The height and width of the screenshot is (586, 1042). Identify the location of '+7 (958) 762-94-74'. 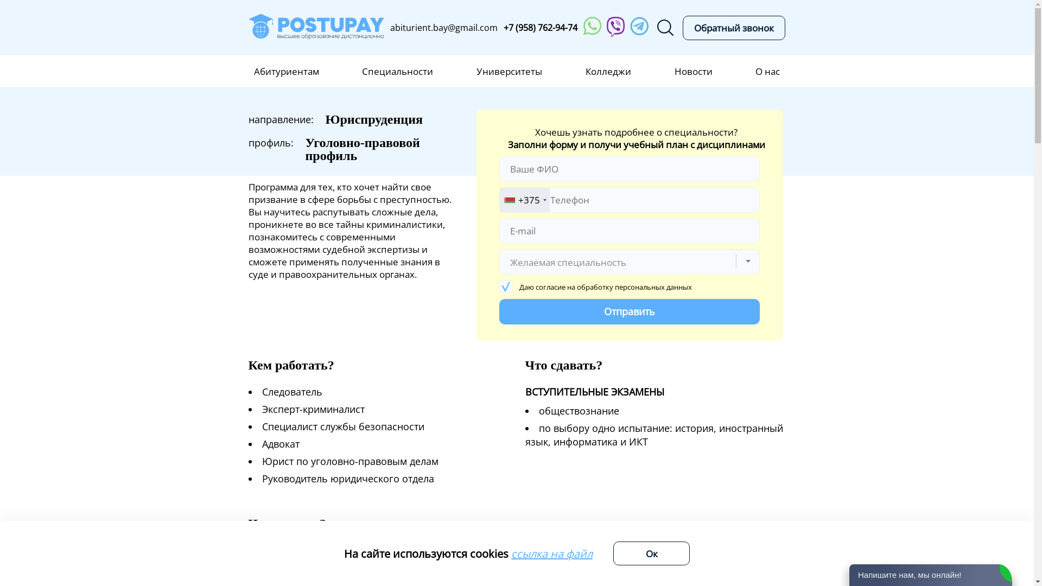
(541, 27).